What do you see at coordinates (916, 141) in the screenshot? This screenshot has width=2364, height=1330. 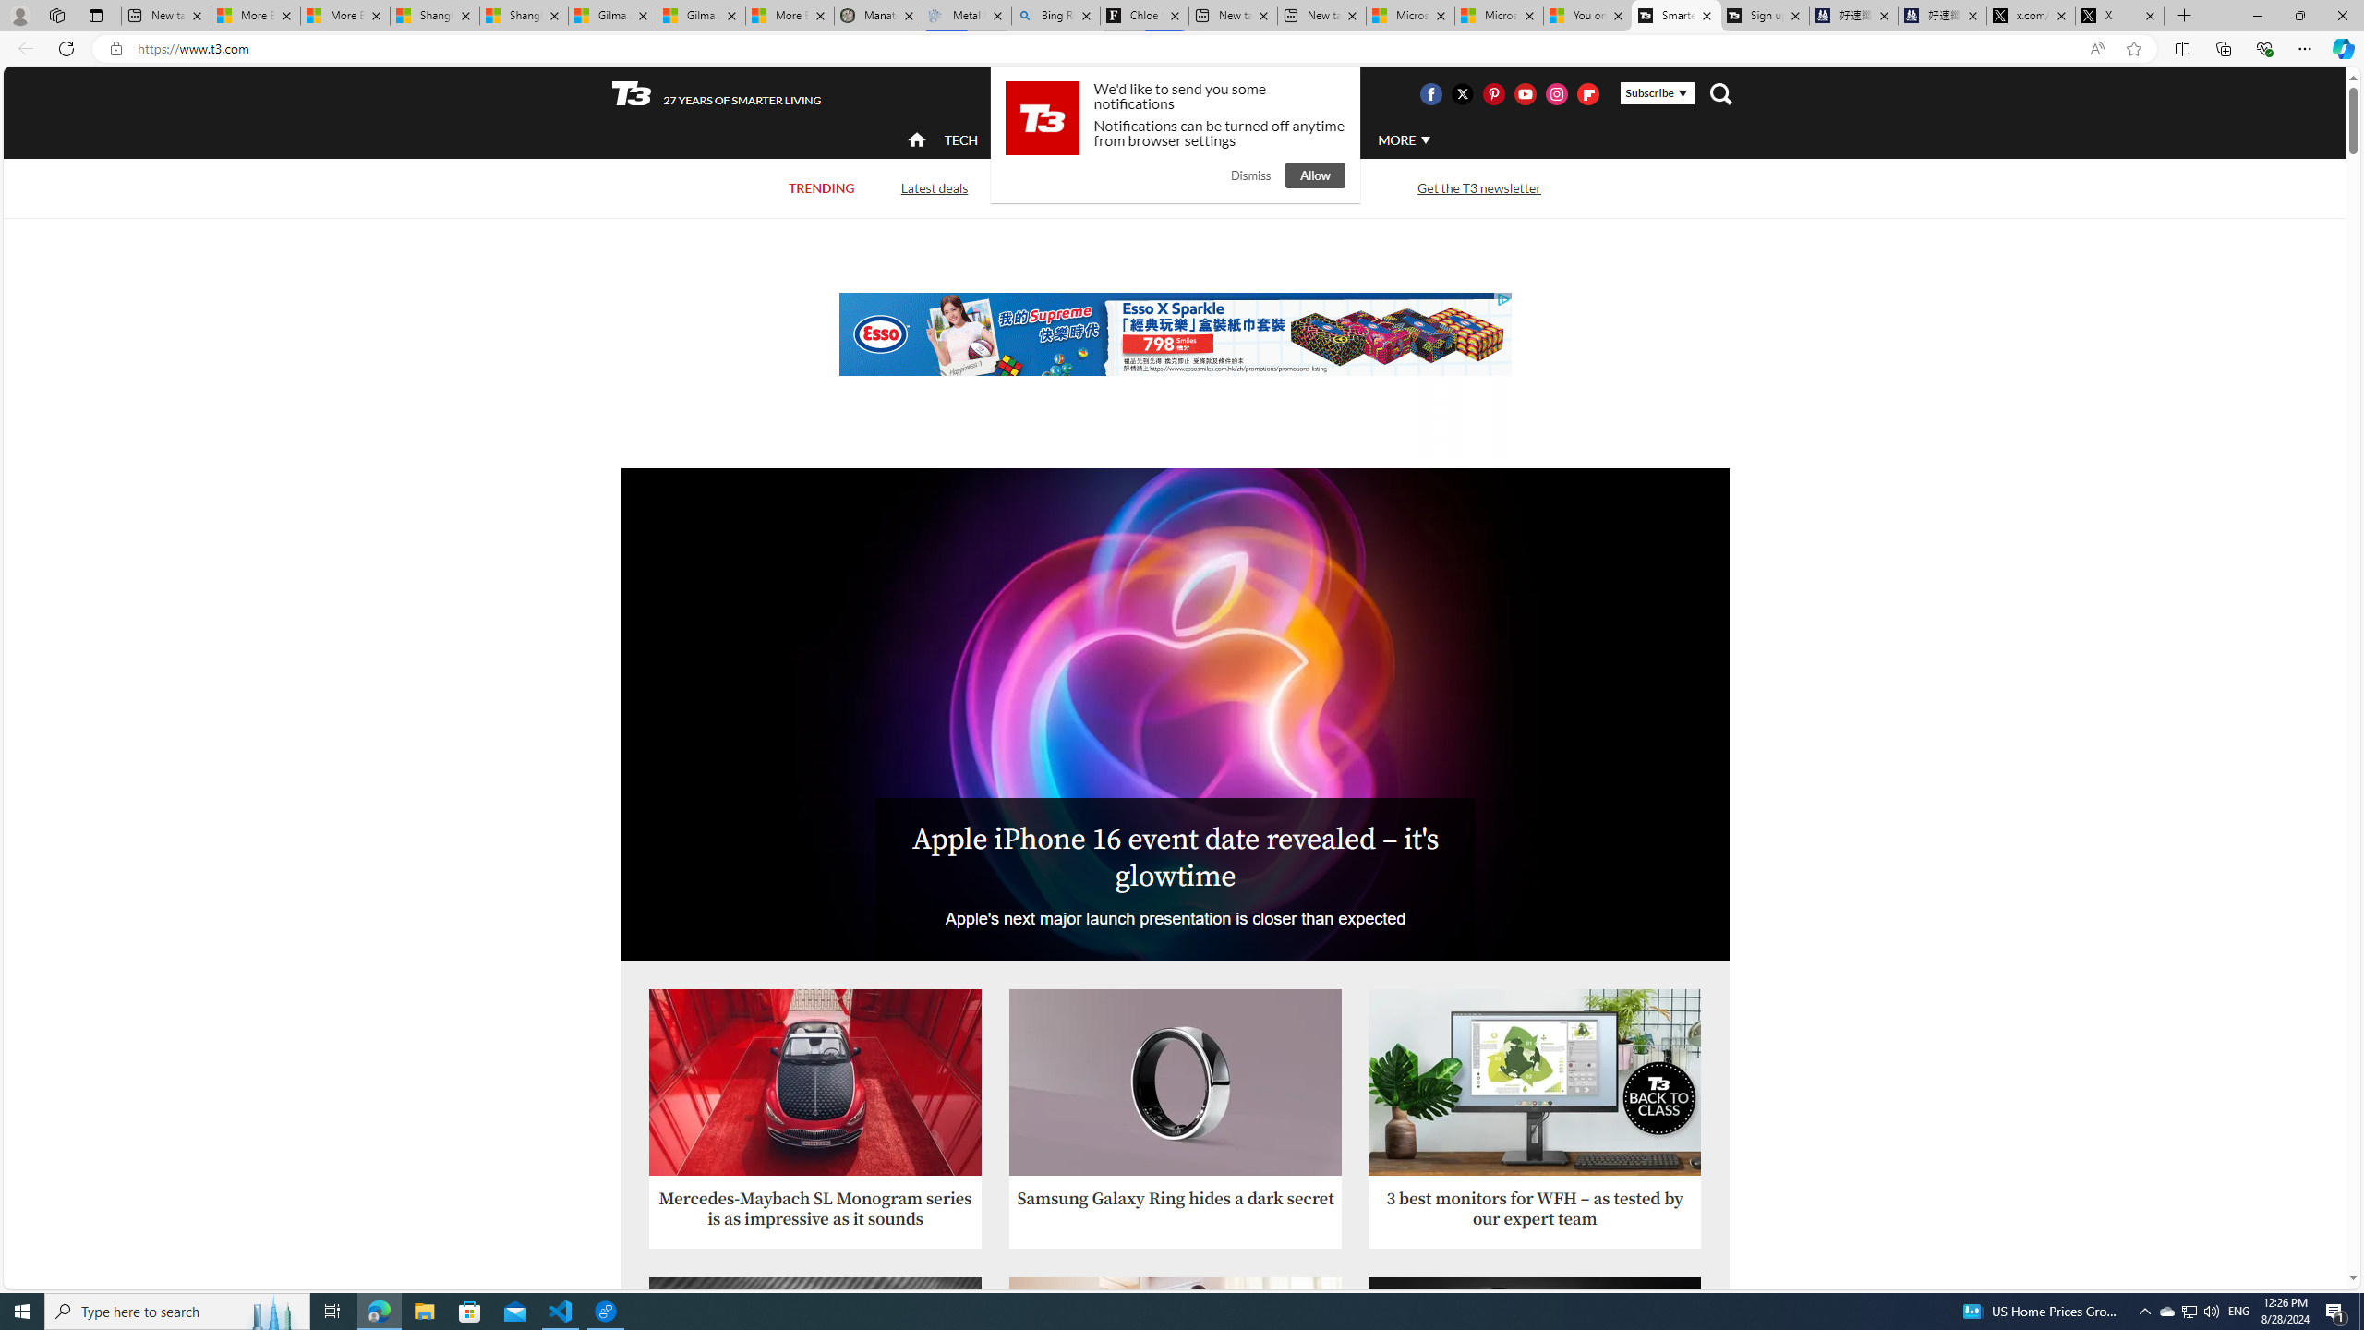 I see `'home'` at bounding box center [916, 141].